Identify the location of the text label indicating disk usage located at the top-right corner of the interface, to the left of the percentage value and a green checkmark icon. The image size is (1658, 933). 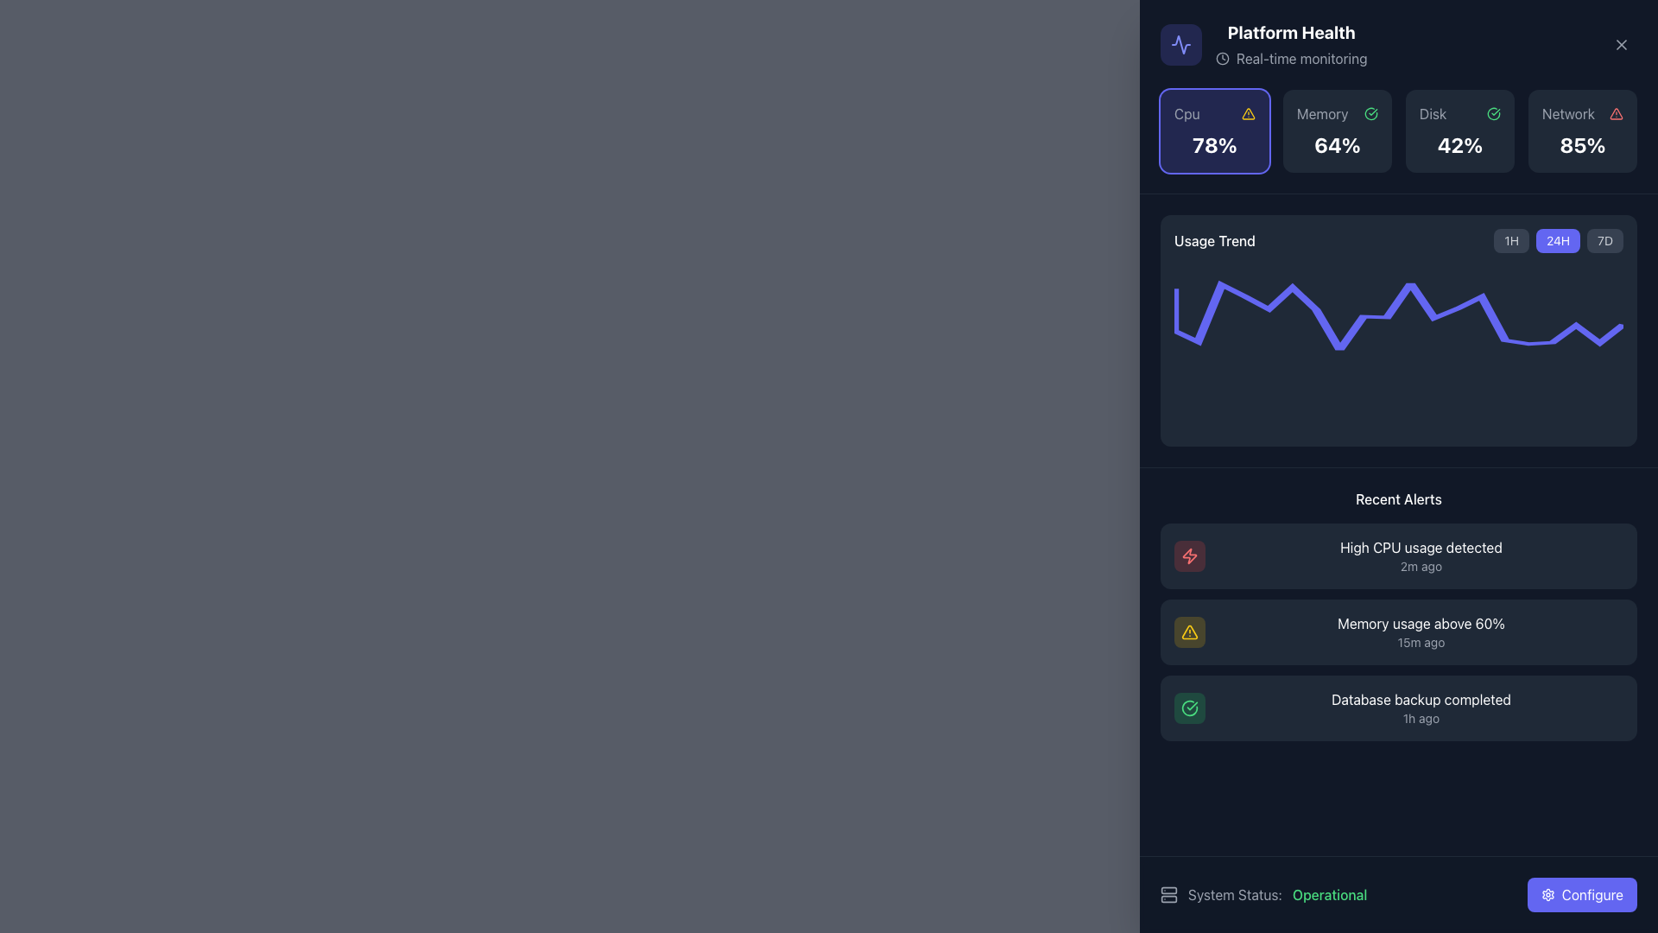
(1433, 113).